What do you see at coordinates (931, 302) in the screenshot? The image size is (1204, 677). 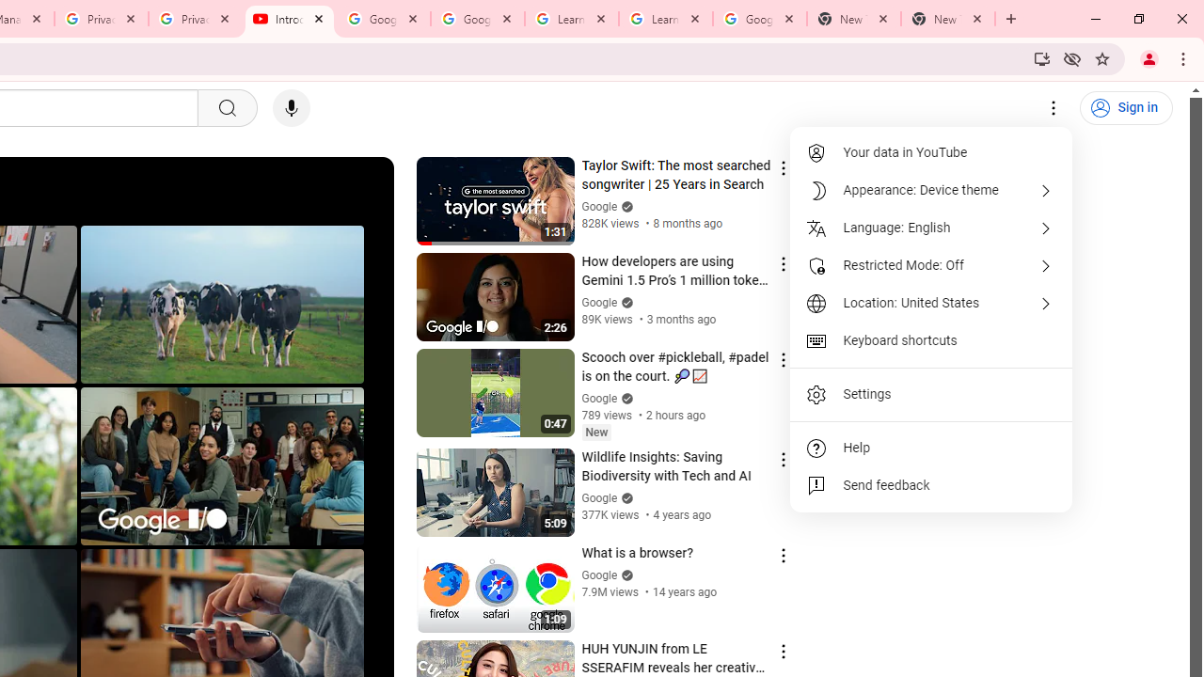 I see `'Location: United States'` at bounding box center [931, 302].